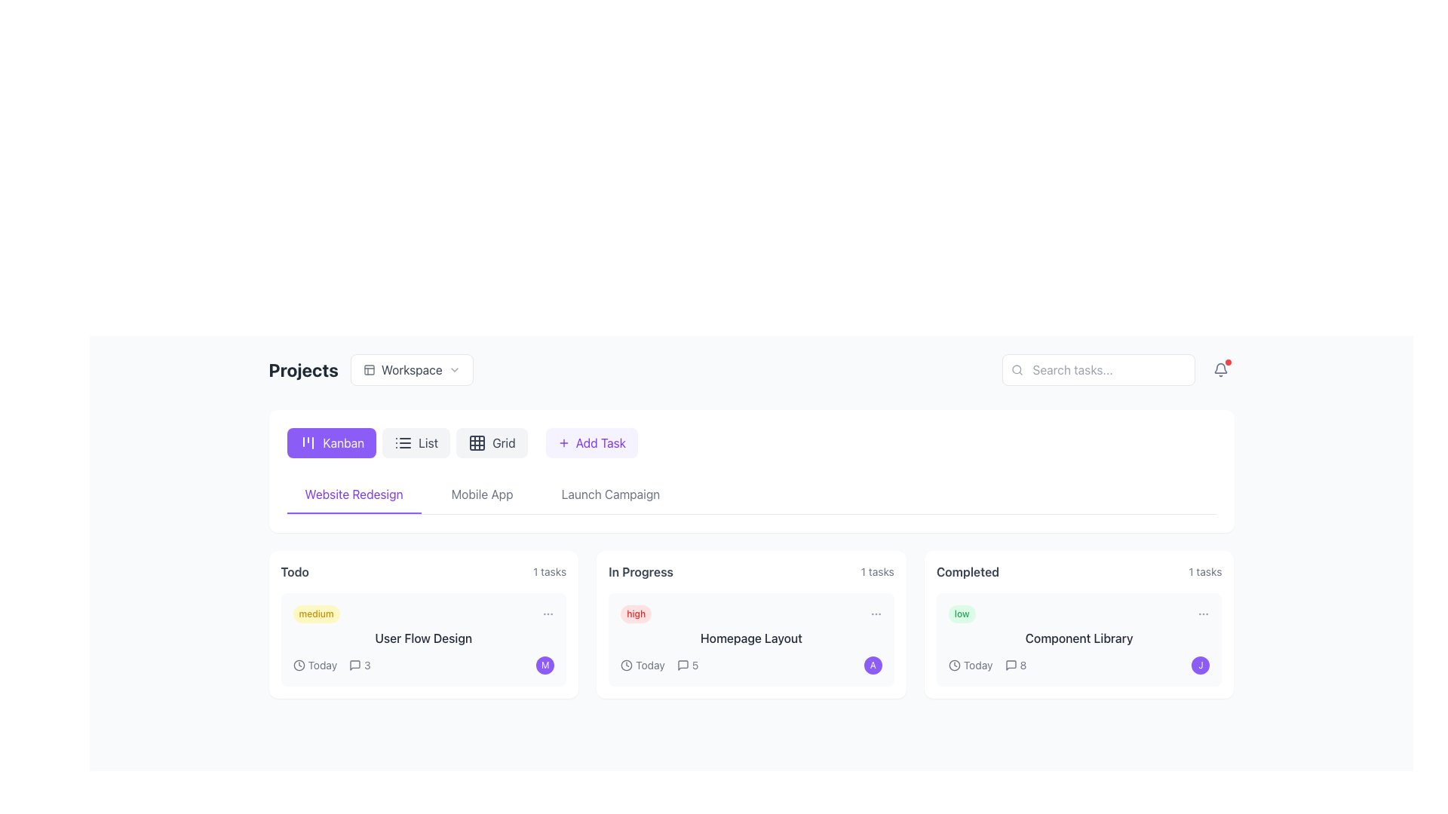 Image resolution: width=1448 pixels, height=814 pixels. What do you see at coordinates (412, 369) in the screenshot?
I see `the dropdown menu trigger button located to the right of the 'Projects' header` at bounding box center [412, 369].